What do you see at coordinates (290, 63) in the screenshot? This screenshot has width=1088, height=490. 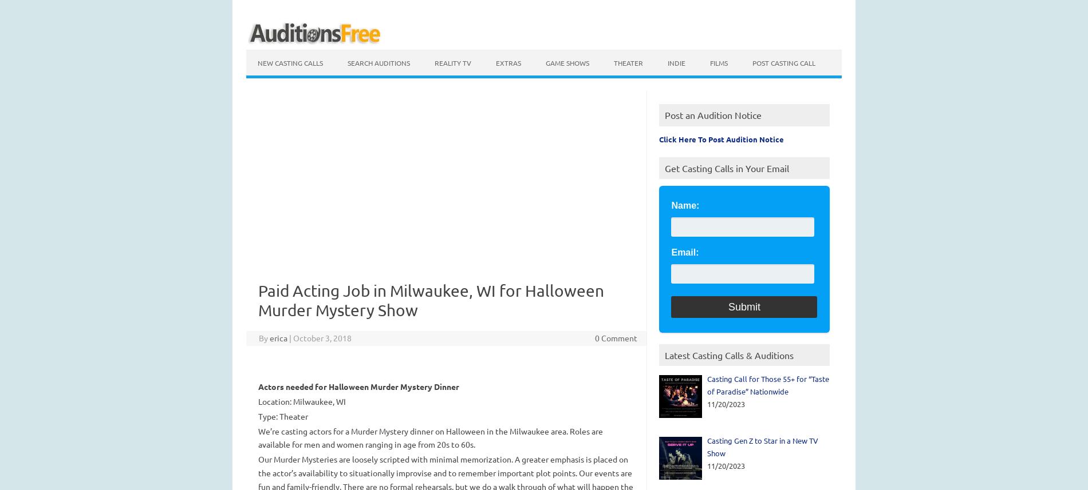 I see `'New Casting calls'` at bounding box center [290, 63].